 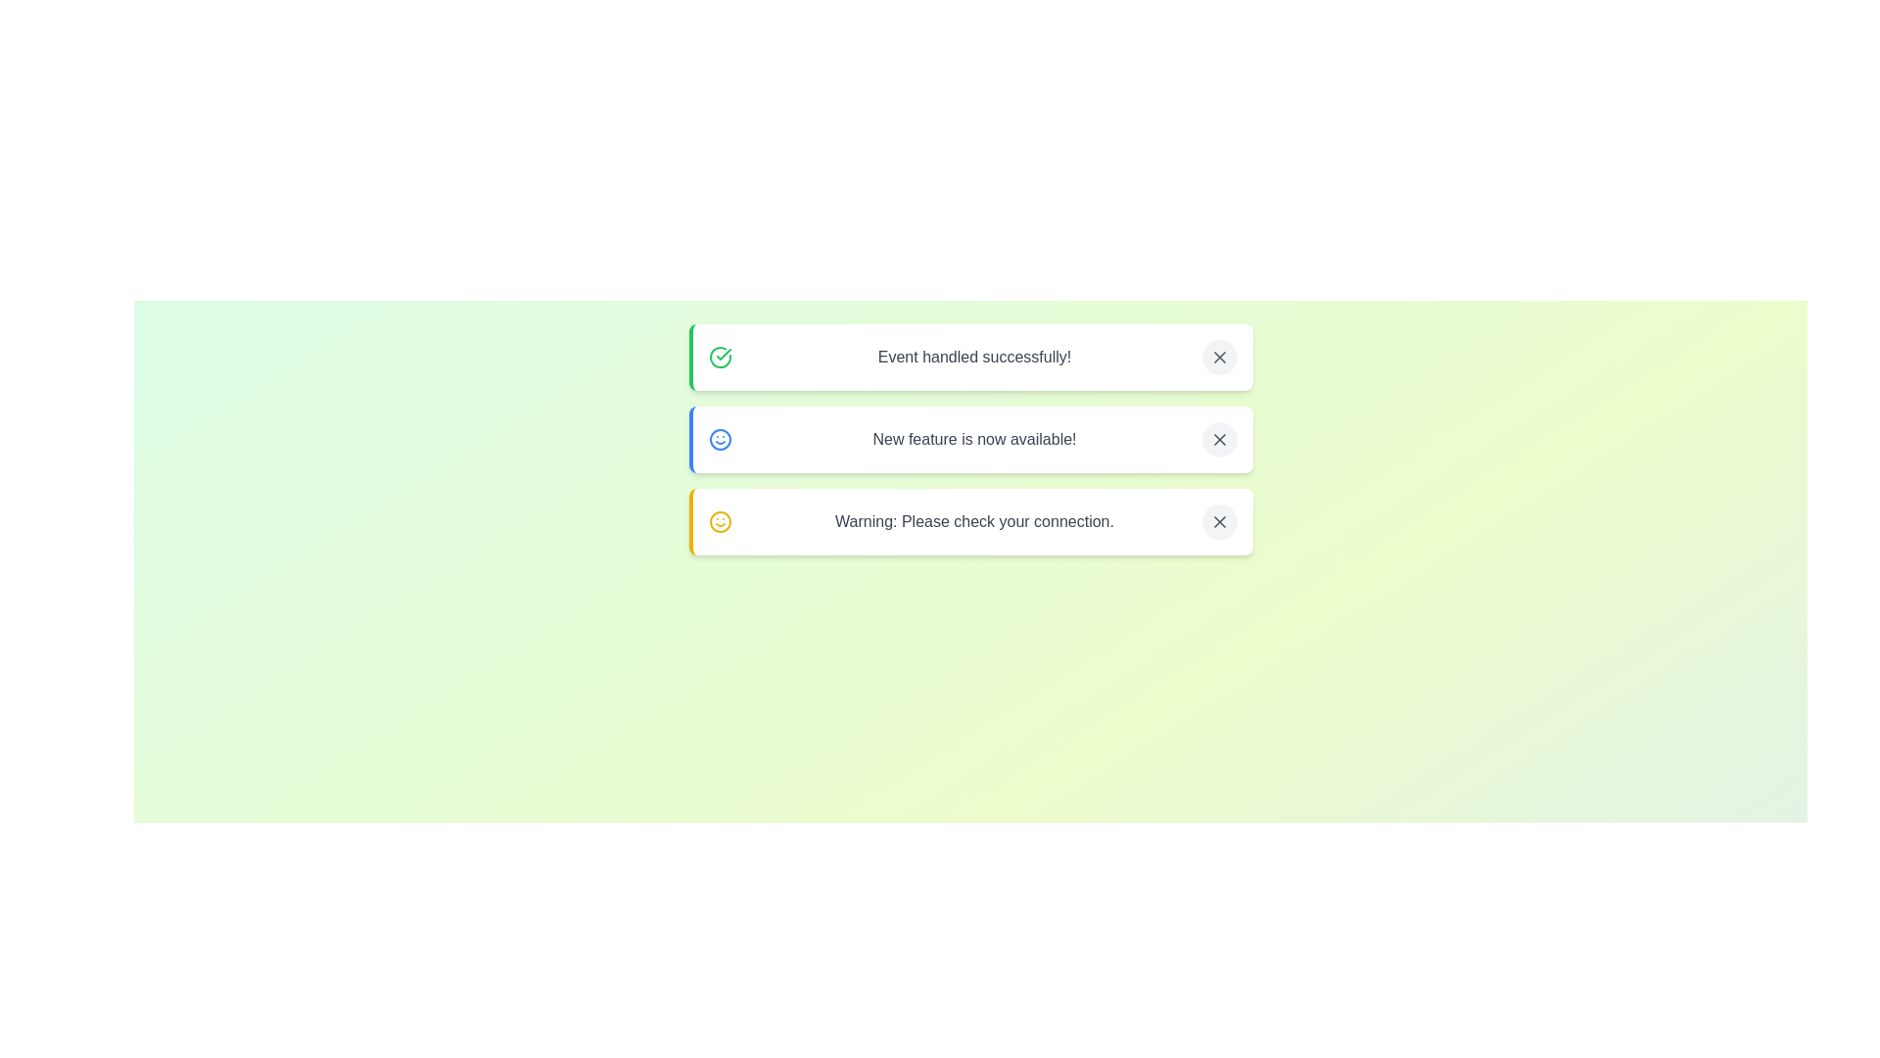 I want to click on the green checkmark icon located at the top-left corner of the first notification card, which contains the message 'Event handled successfully!', so click(x=723, y=355).